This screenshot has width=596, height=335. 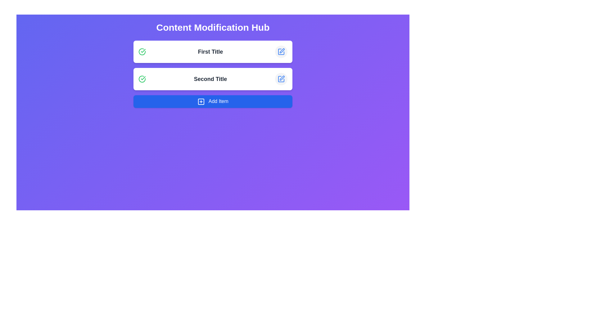 What do you see at coordinates (201, 101) in the screenshot?
I see `the icon with a square containing a cross located on the left side of the blue button labeled 'Add Item'` at bounding box center [201, 101].